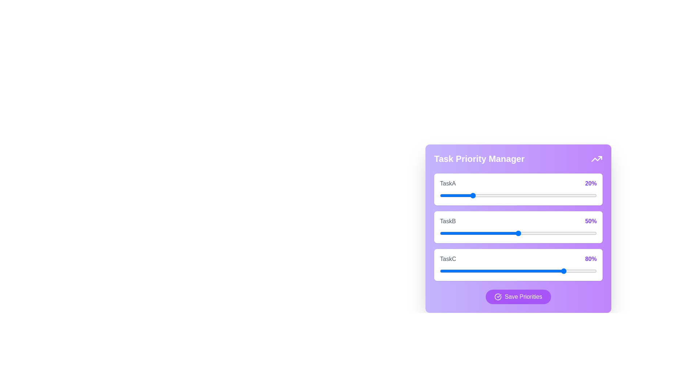 This screenshot has height=392, width=697. What do you see at coordinates (457, 195) in the screenshot?
I see `the priority of TaskA to 11%` at bounding box center [457, 195].